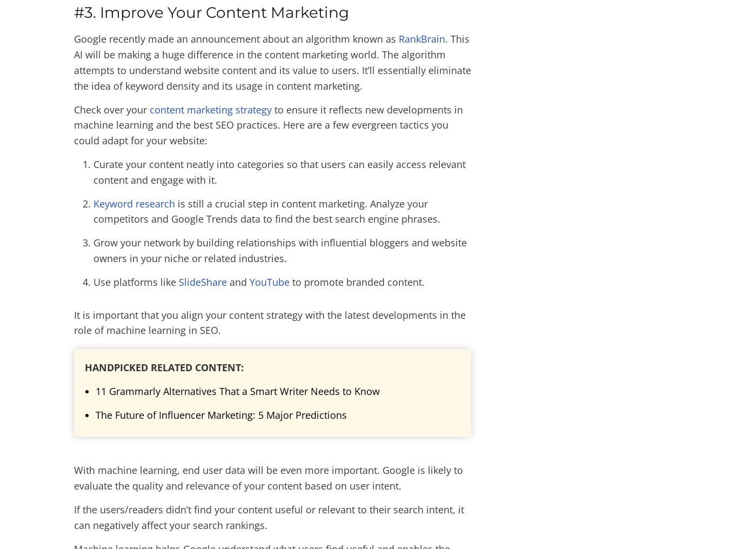 The width and height of the screenshot is (738, 549). Describe the element at coordinates (236, 39) in the screenshot. I see `'Google recently made an announcement about an algorithm known as'` at that location.